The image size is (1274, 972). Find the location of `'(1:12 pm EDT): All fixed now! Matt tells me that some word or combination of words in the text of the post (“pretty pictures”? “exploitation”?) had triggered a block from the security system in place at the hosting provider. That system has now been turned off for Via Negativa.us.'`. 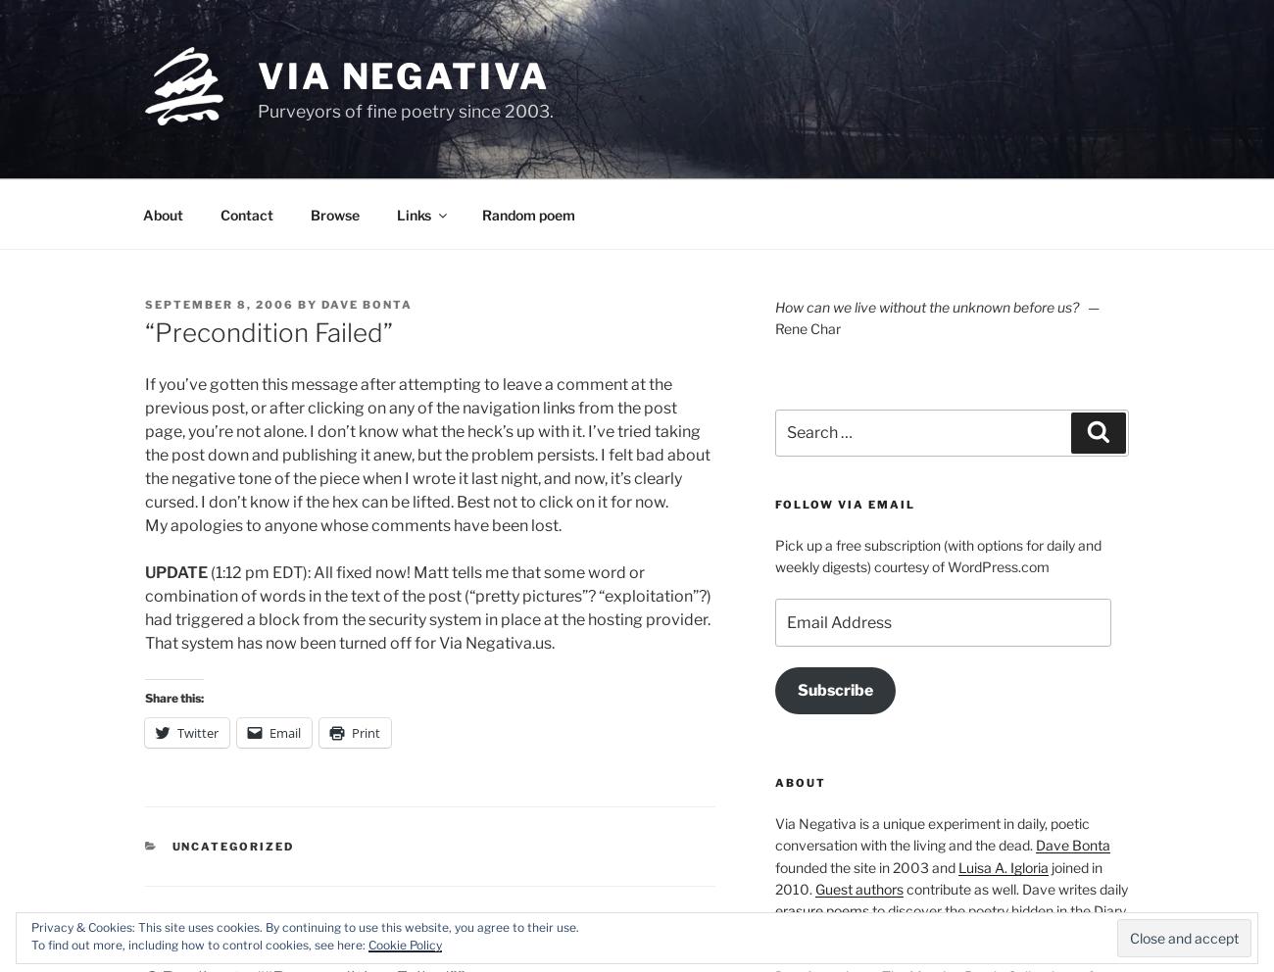

'(1:12 pm EDT): All fixed now! Matt tells me that some word or combination of words in the text of the post (“pretty pictures”? “exploitation”?) had triggered a block from the security system in place at the hosting provider. That system has now been turned off for Via Negativa.us.' is located at coordinates (143, 607).